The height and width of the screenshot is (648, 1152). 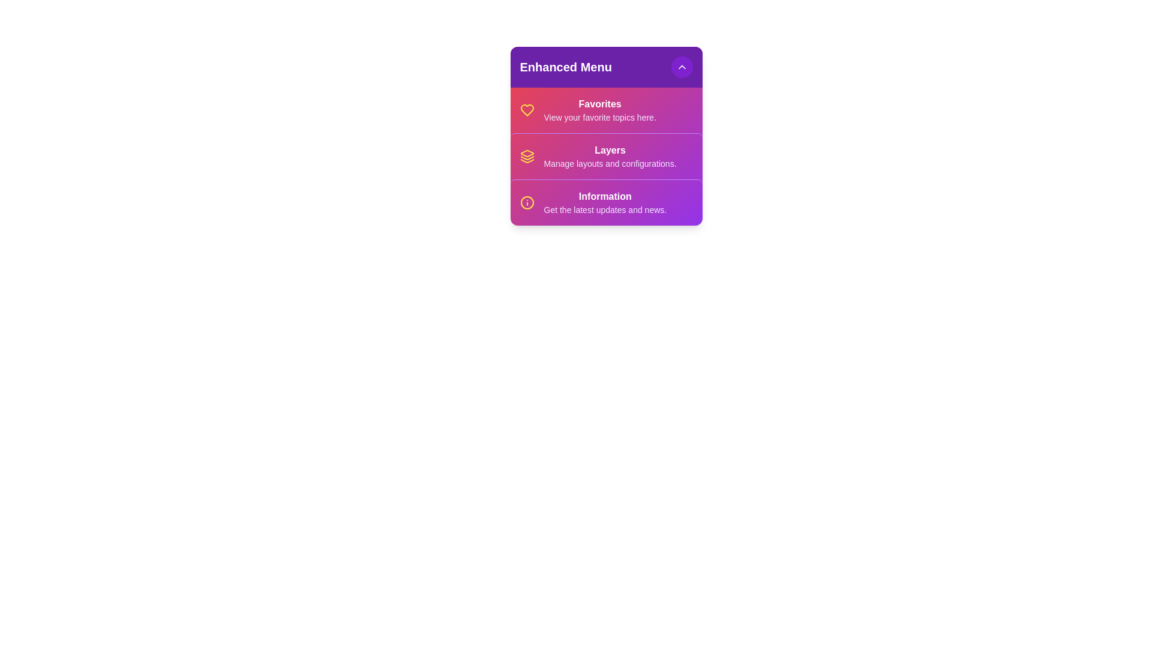 I want to click on the menu item Information to view its hover effect, so click(x=606, y=202).